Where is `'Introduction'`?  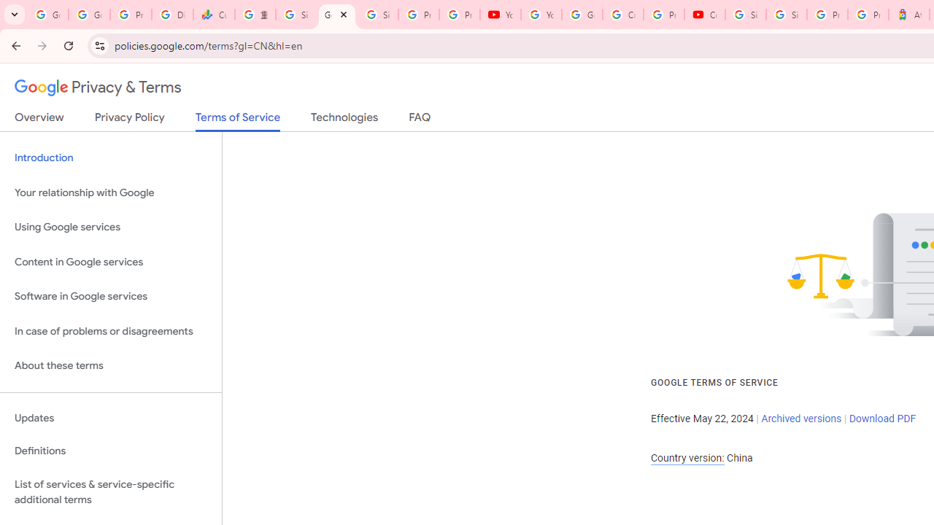 'Introduction' is located at coordinates (110, 158).